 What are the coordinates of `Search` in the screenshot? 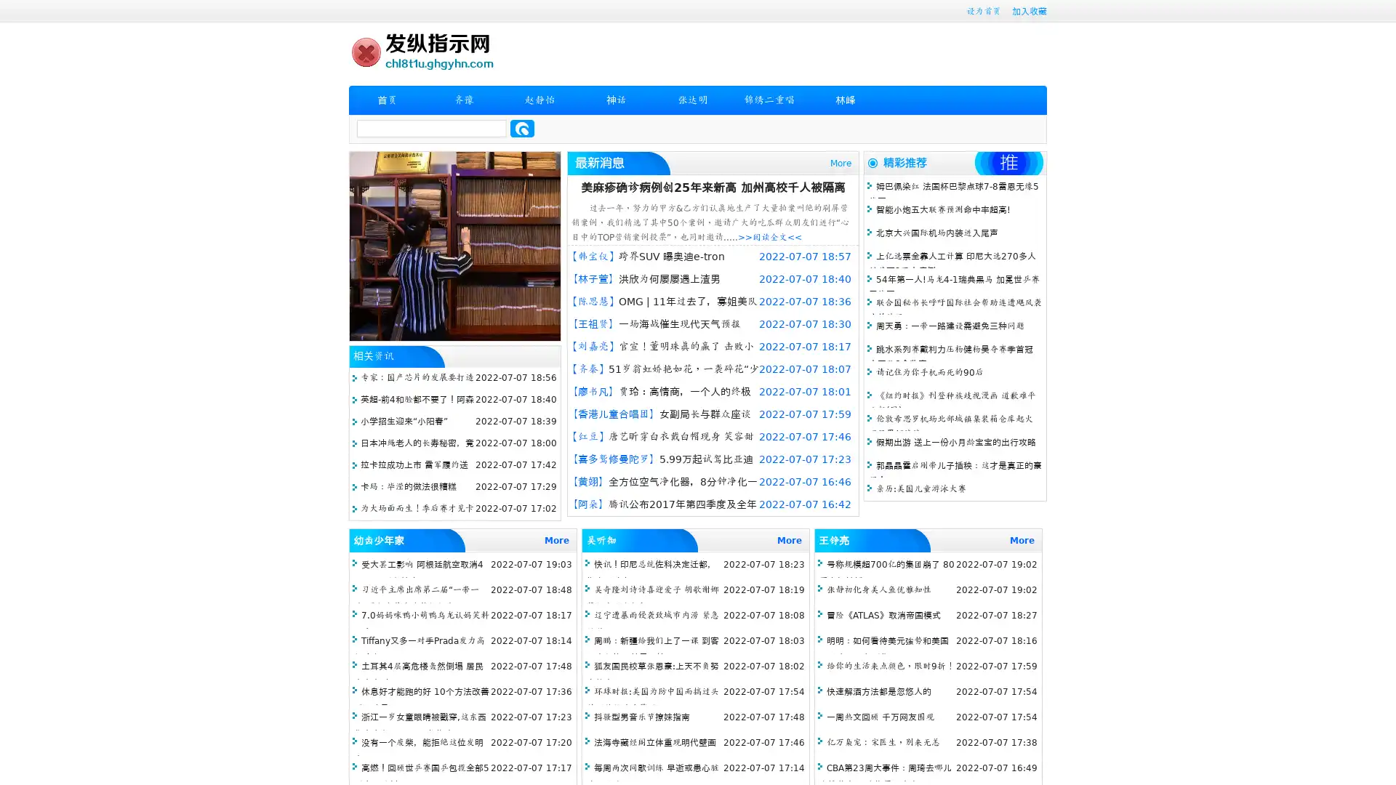 It's located at (522, 128).